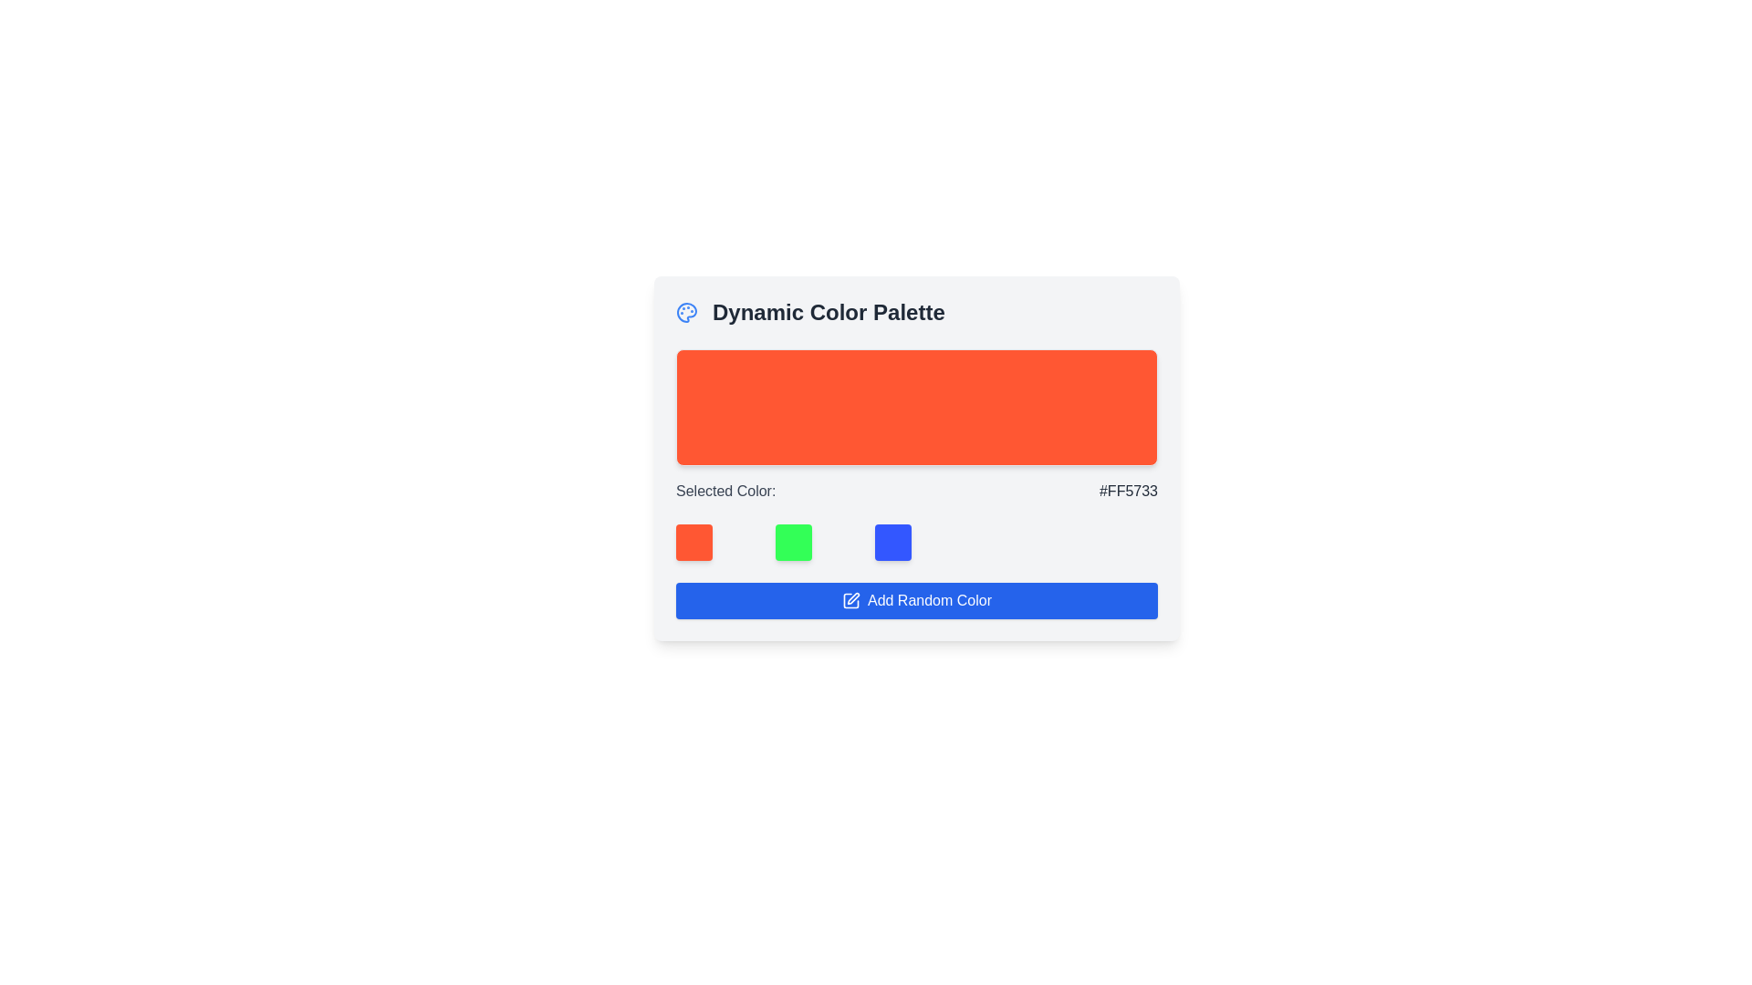 The image size is (1752, 985). Describe the element at coordinates (725, 491) in the screenshot. I see `the descriptive Text label that indicates the selected color code, which is positioned to the left of the corresponding value '#FF5733'` at that location.